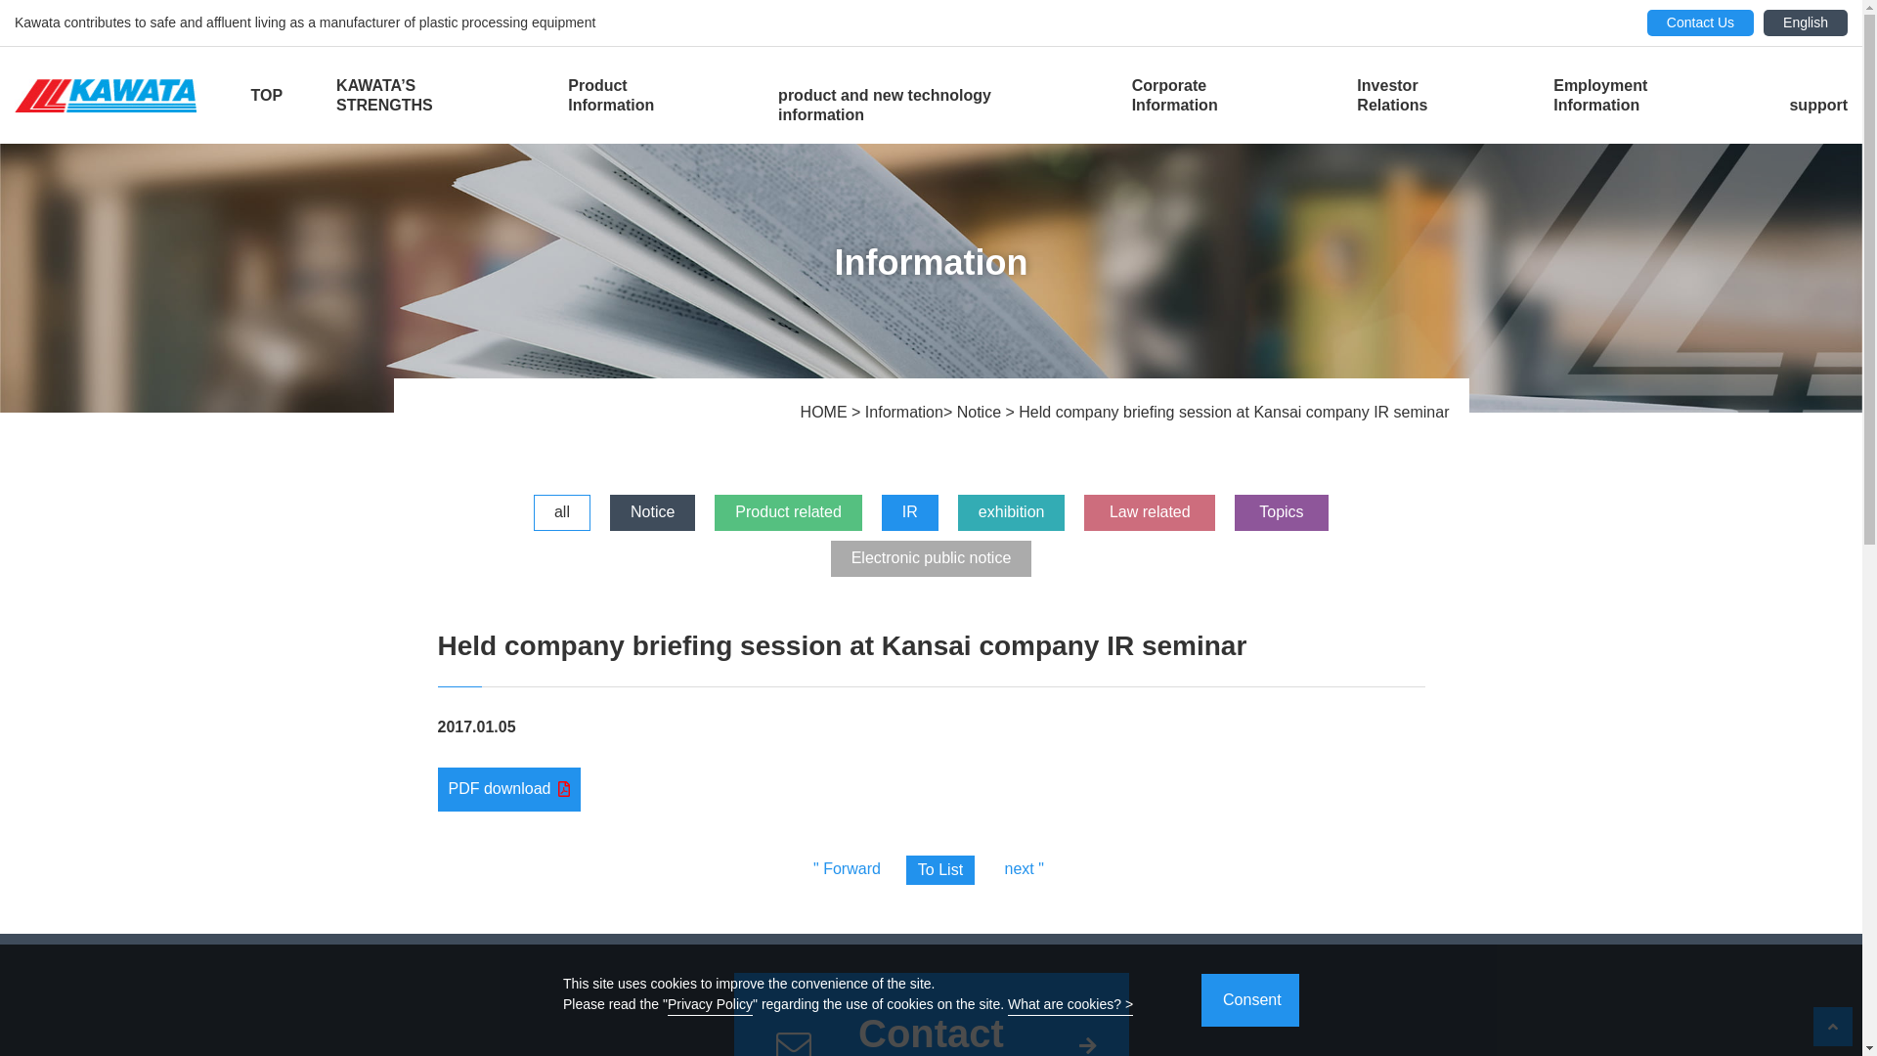  What do you see at coordinates (1150, 511) in the screenshot?
I see `' Law related '` at bounding box center [1150, 511].